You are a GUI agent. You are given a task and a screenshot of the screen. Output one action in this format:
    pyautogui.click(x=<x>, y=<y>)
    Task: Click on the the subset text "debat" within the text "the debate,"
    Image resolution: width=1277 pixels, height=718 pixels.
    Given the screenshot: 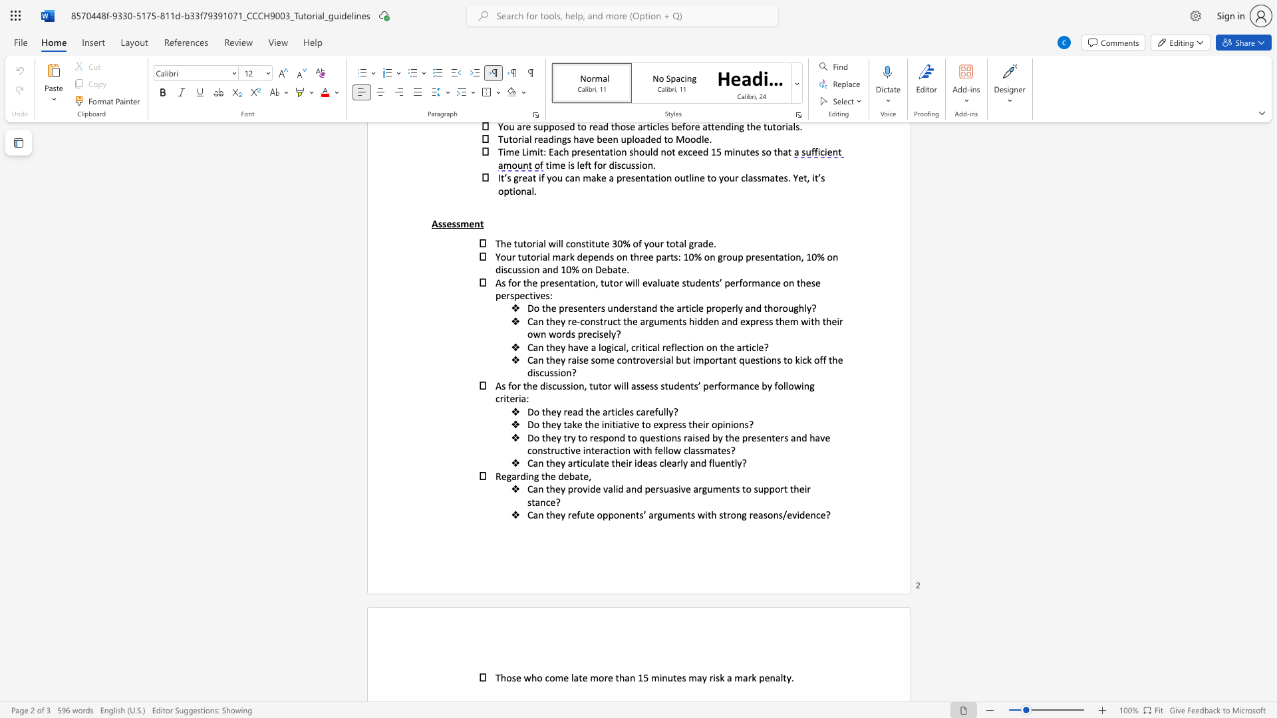 What is the action you would take?
    pyautogui.click(x=558, y=475)
    